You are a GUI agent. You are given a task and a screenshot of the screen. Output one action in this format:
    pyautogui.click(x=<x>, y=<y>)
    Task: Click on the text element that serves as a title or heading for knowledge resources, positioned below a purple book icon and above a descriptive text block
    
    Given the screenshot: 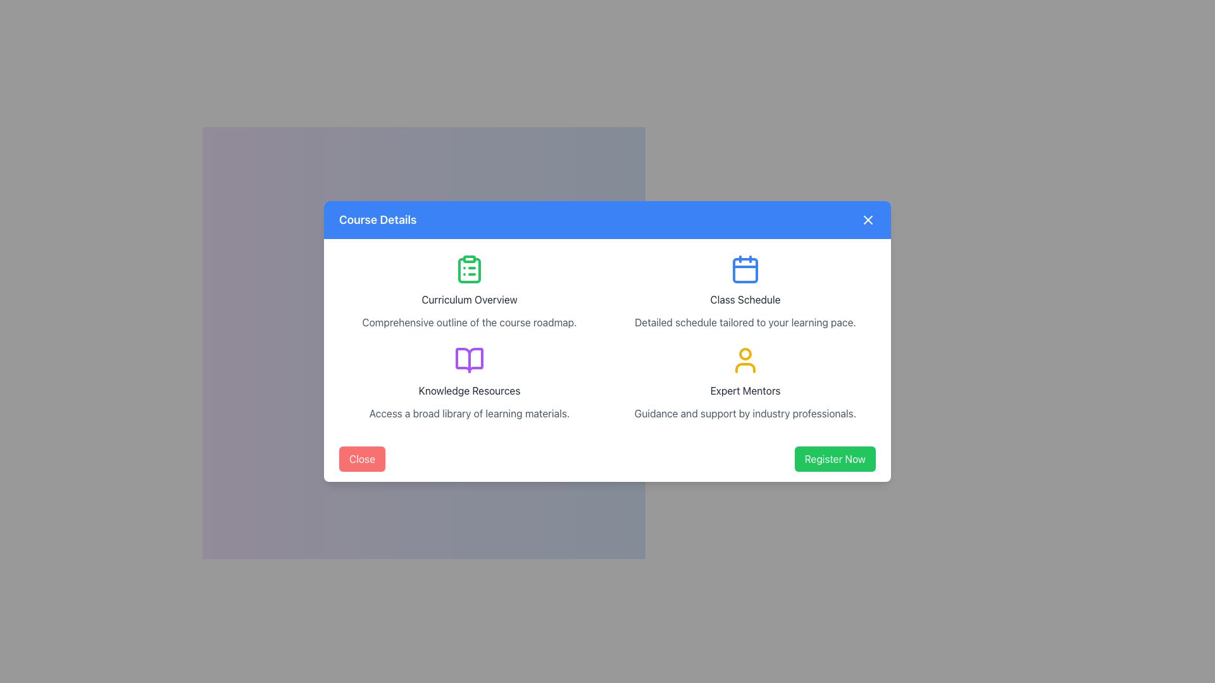 What is the action you would take?
    pyautogui.click(x=469, y=390)
    